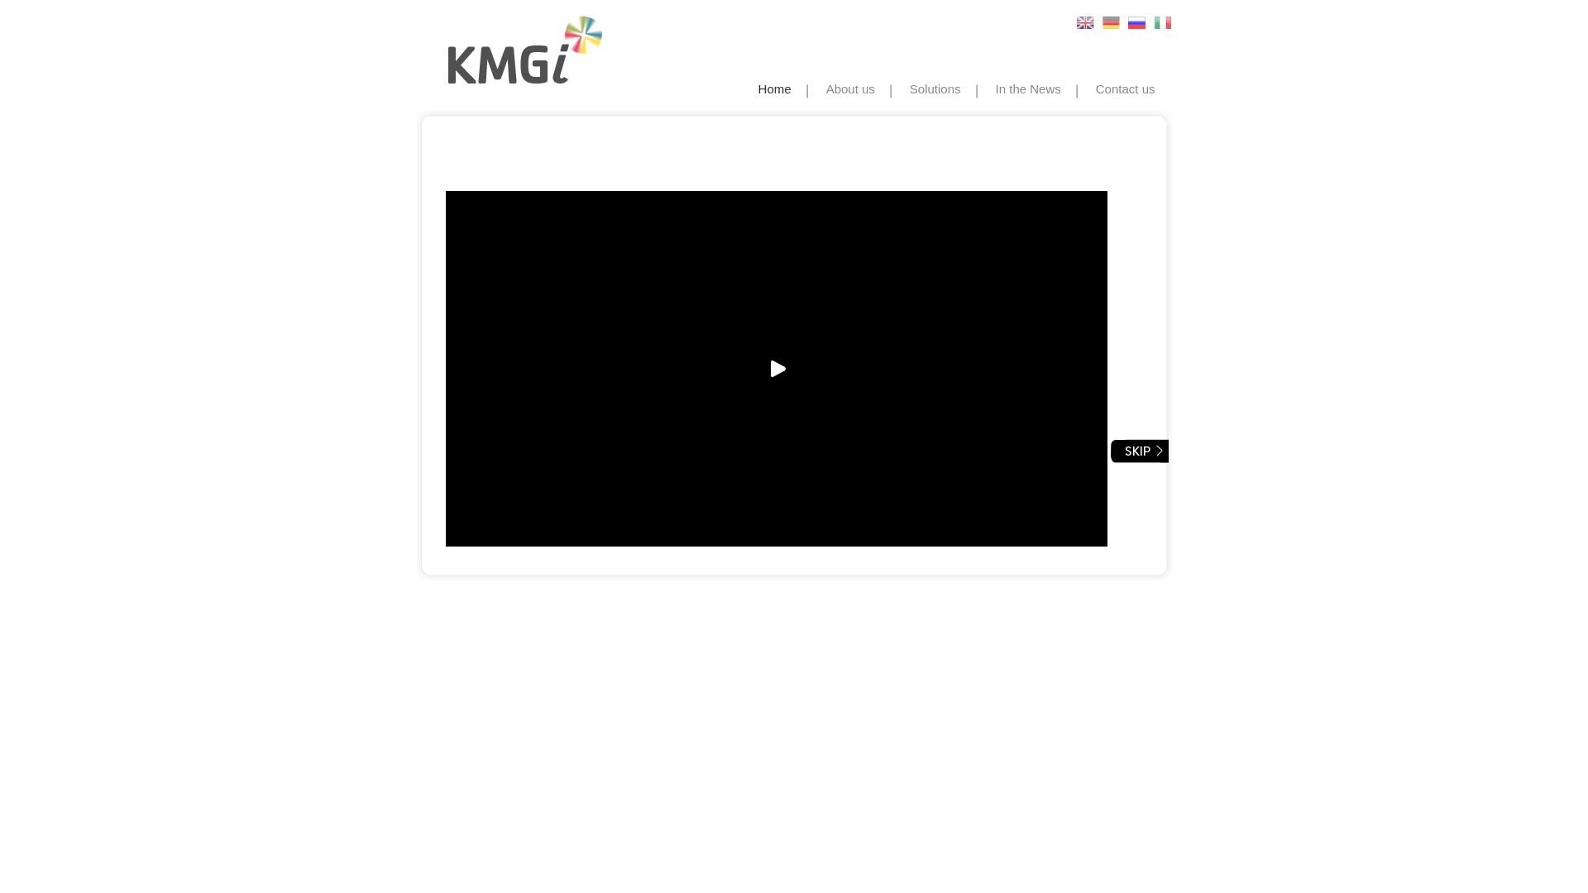 The image size is (1588, 893). I want to click on 'About us', so click(850, 88).